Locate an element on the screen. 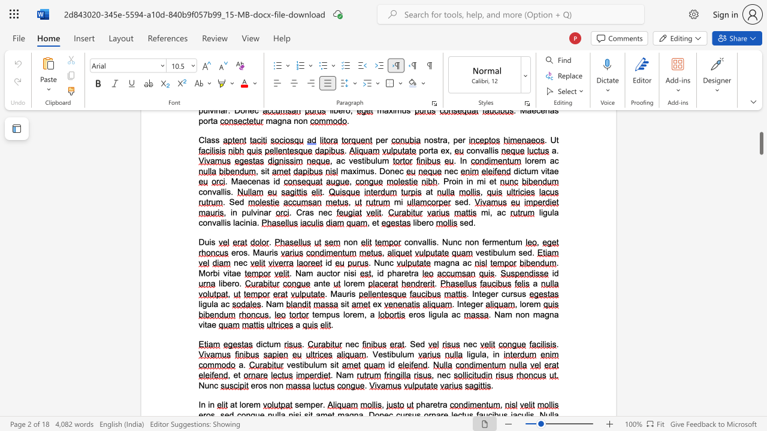  the 1th character "h" in the text is located at coordinates (423, 404).